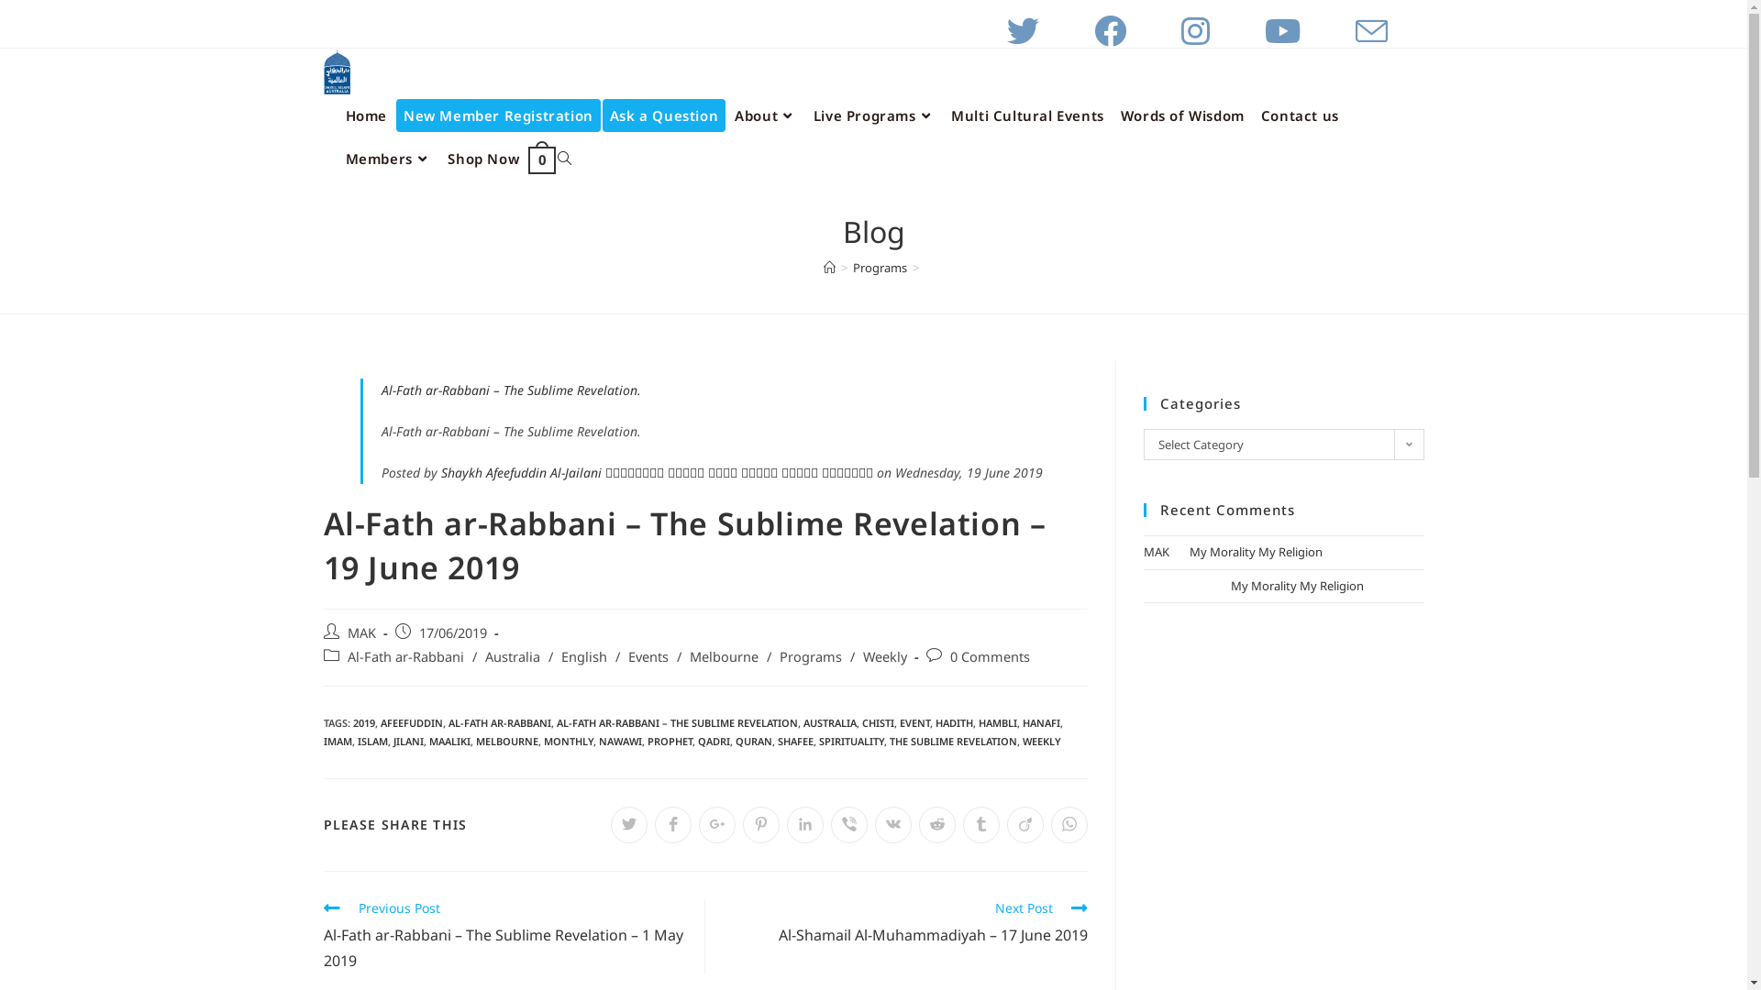  Describe the element at coordinates (1112, 115) in the screenshot. I see `'Words of Wisdom'` at that location.